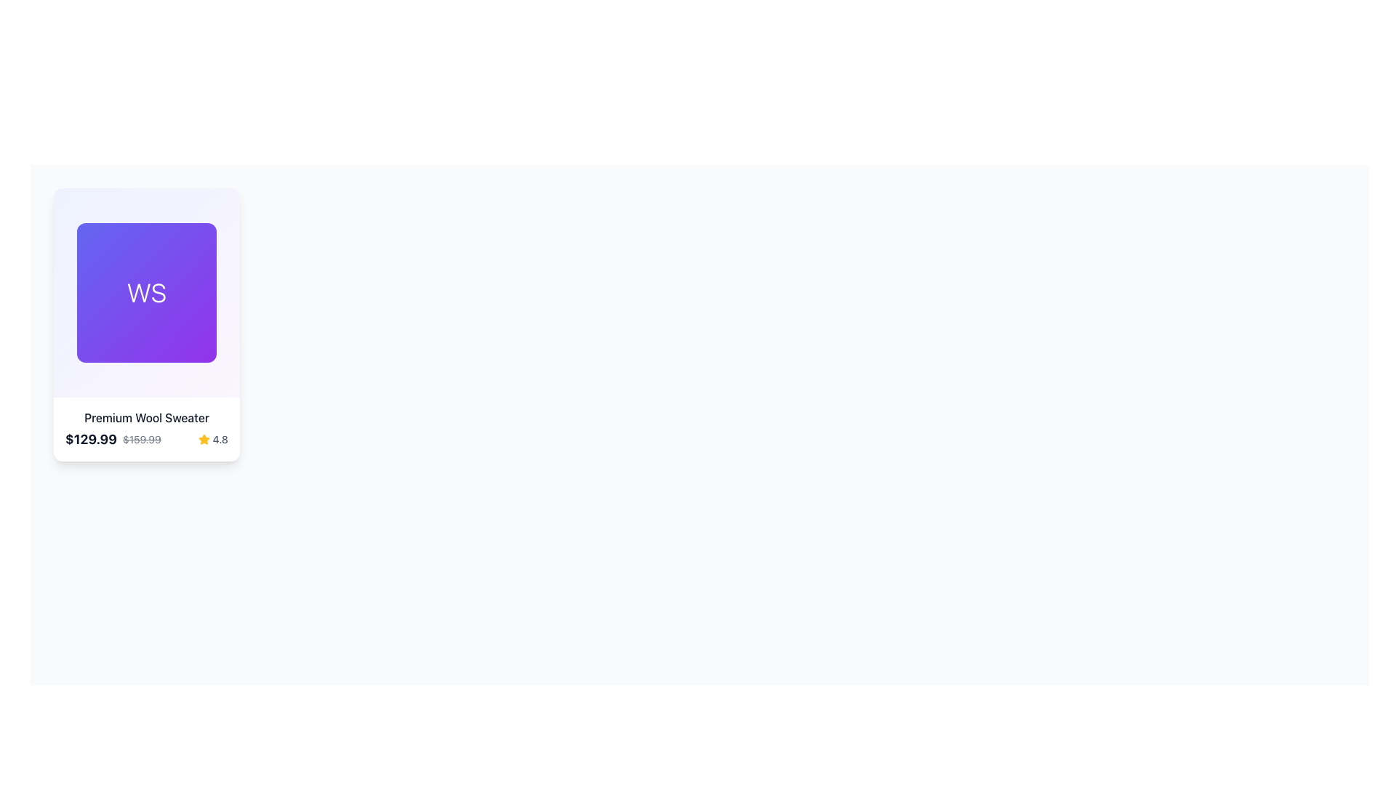 Image resolution: width=1396 pixels, height=785 pixels. I want to click on the star-shaped icon indicating a rating of 4.8 located in the lower right-hand corner of the card's contents, so click(203, 439).